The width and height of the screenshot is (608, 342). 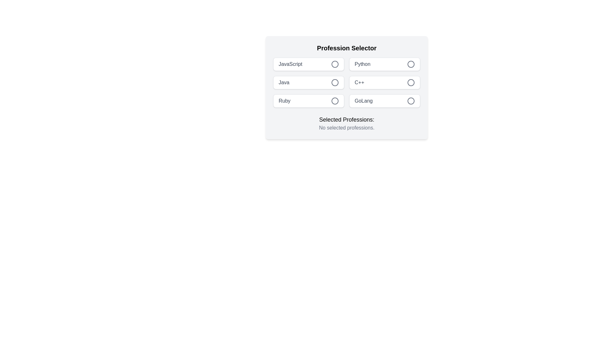 I want to click on the text label indicating the section related to selected professions, positioned above 'No selected professions' in the 'Profession Selector' section, so click(x=346, y=120).